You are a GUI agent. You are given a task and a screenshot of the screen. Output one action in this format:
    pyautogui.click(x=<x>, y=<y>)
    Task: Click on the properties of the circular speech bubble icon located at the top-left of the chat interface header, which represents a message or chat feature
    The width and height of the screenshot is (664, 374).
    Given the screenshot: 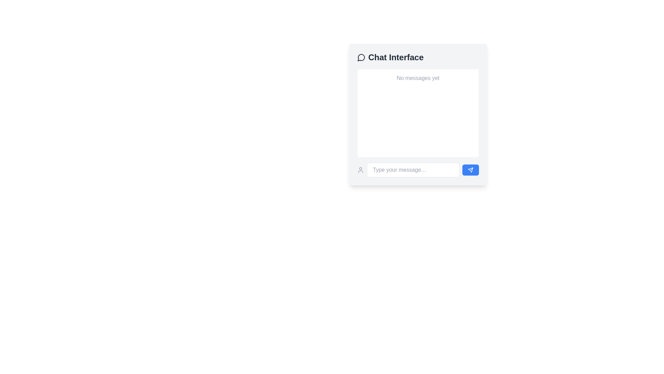 What is the action you would take?
    pyautogui.click(x=361, y=57)
    